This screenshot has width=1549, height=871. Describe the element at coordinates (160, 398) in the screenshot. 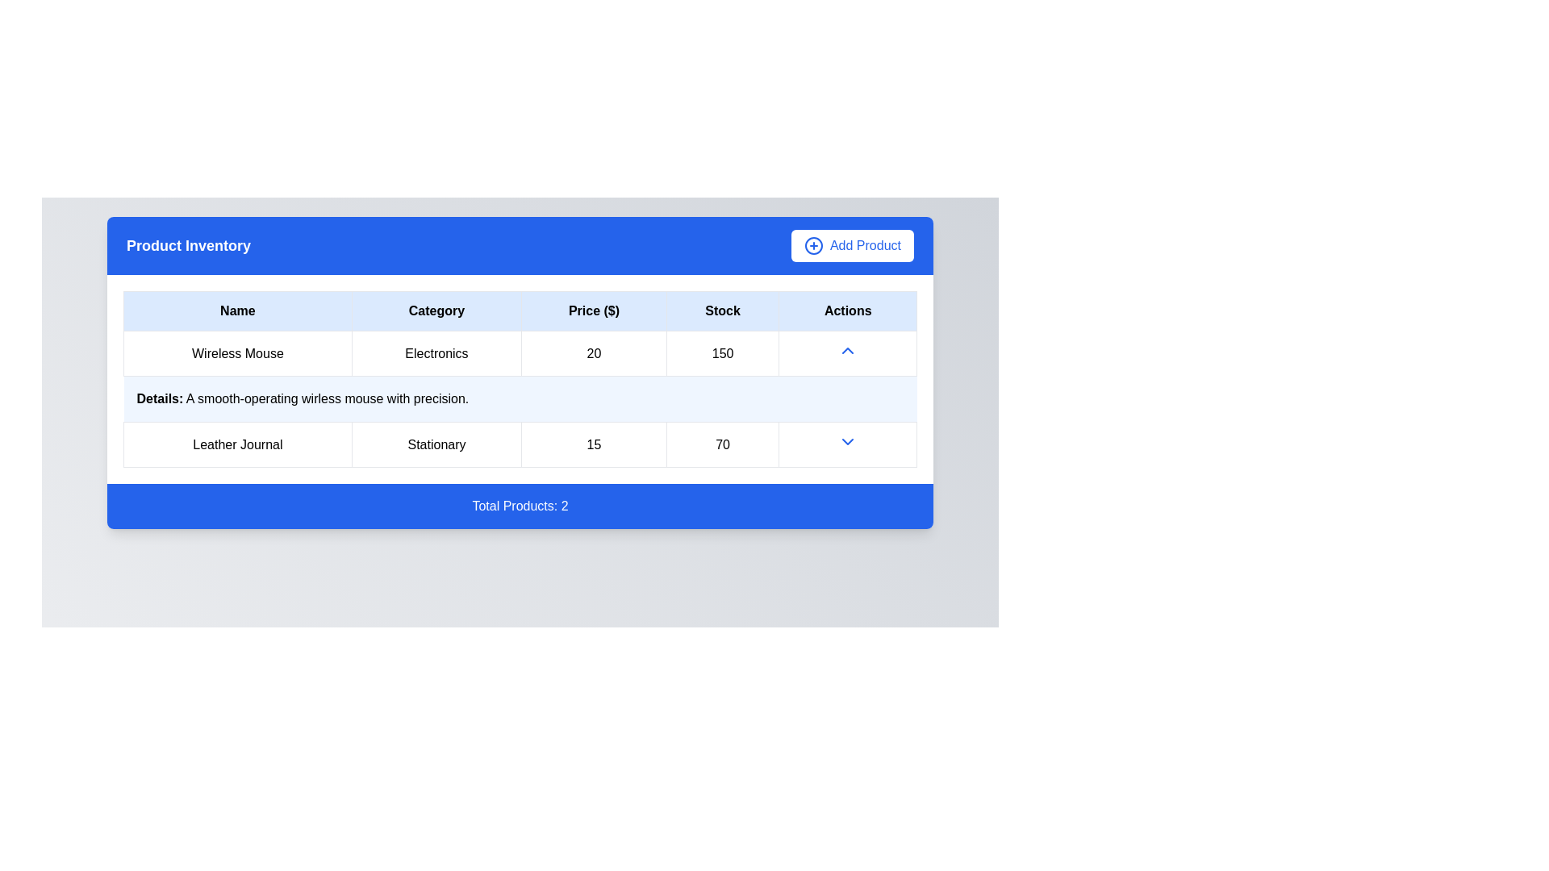

I see `the bolded text label reading 'Details:' in the detailed description cell for the 'Wireless Mouse' item in the product inventory table` at that location.